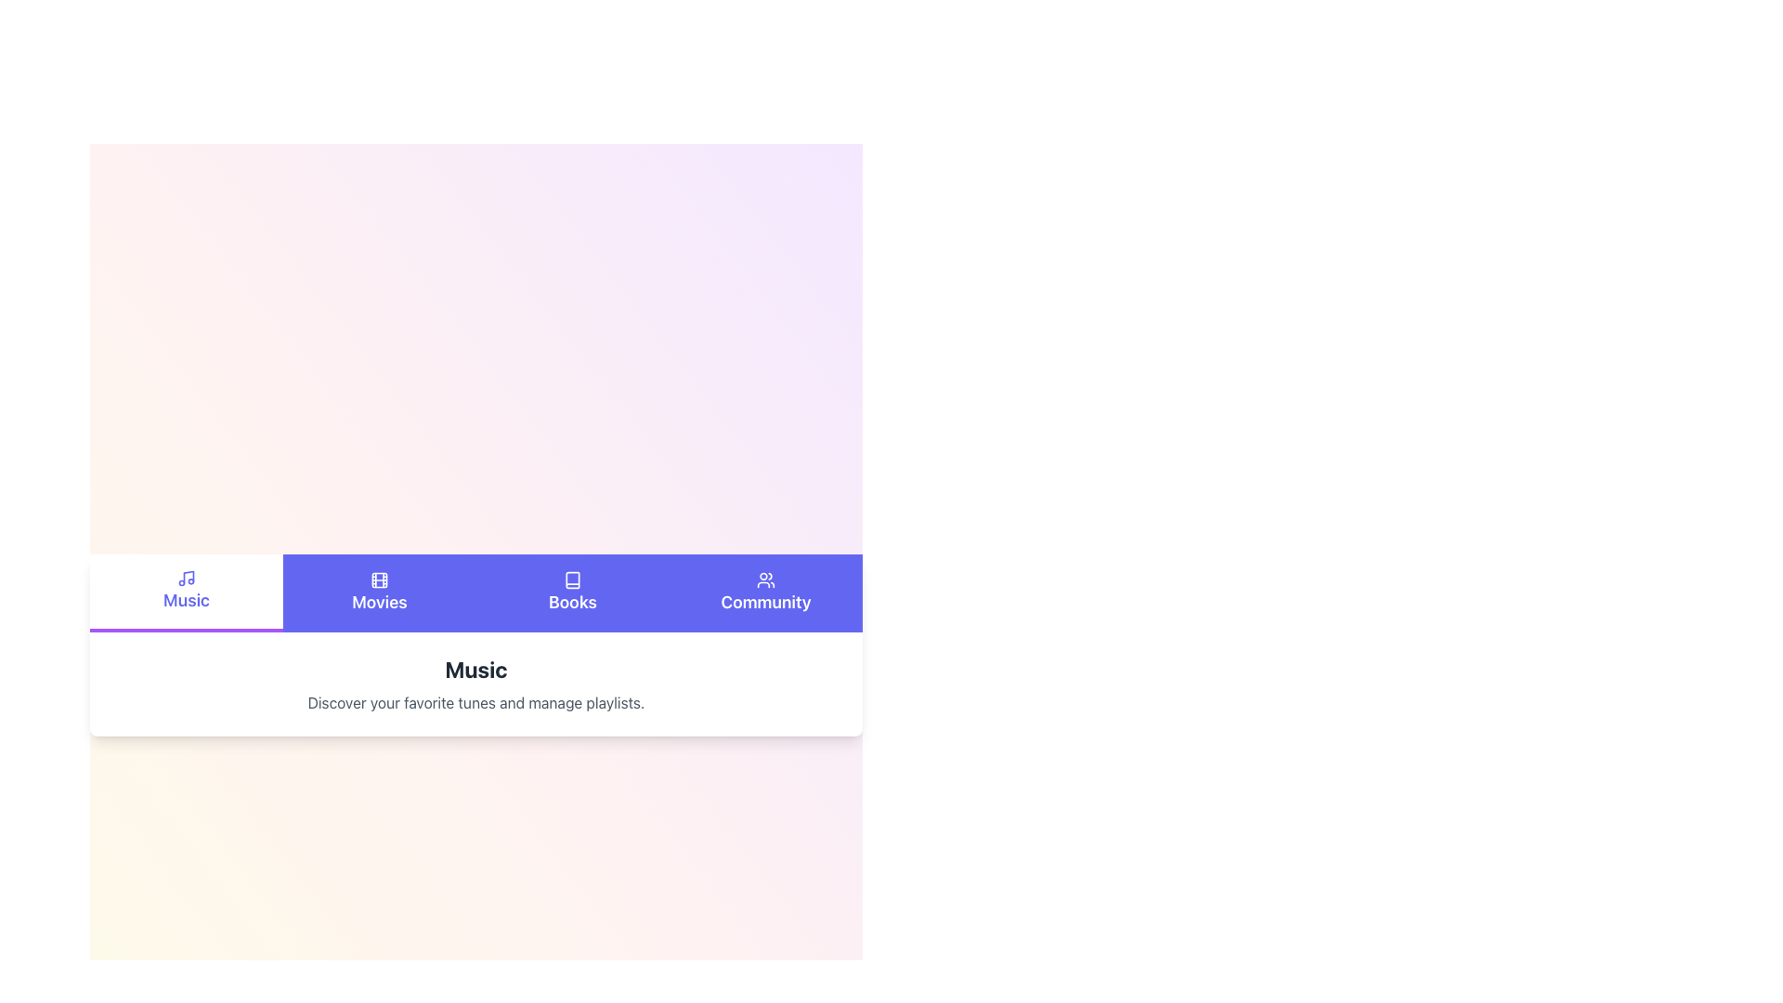  I want to click on the 'Music' text label within the navigation menu, so click(187, 601).